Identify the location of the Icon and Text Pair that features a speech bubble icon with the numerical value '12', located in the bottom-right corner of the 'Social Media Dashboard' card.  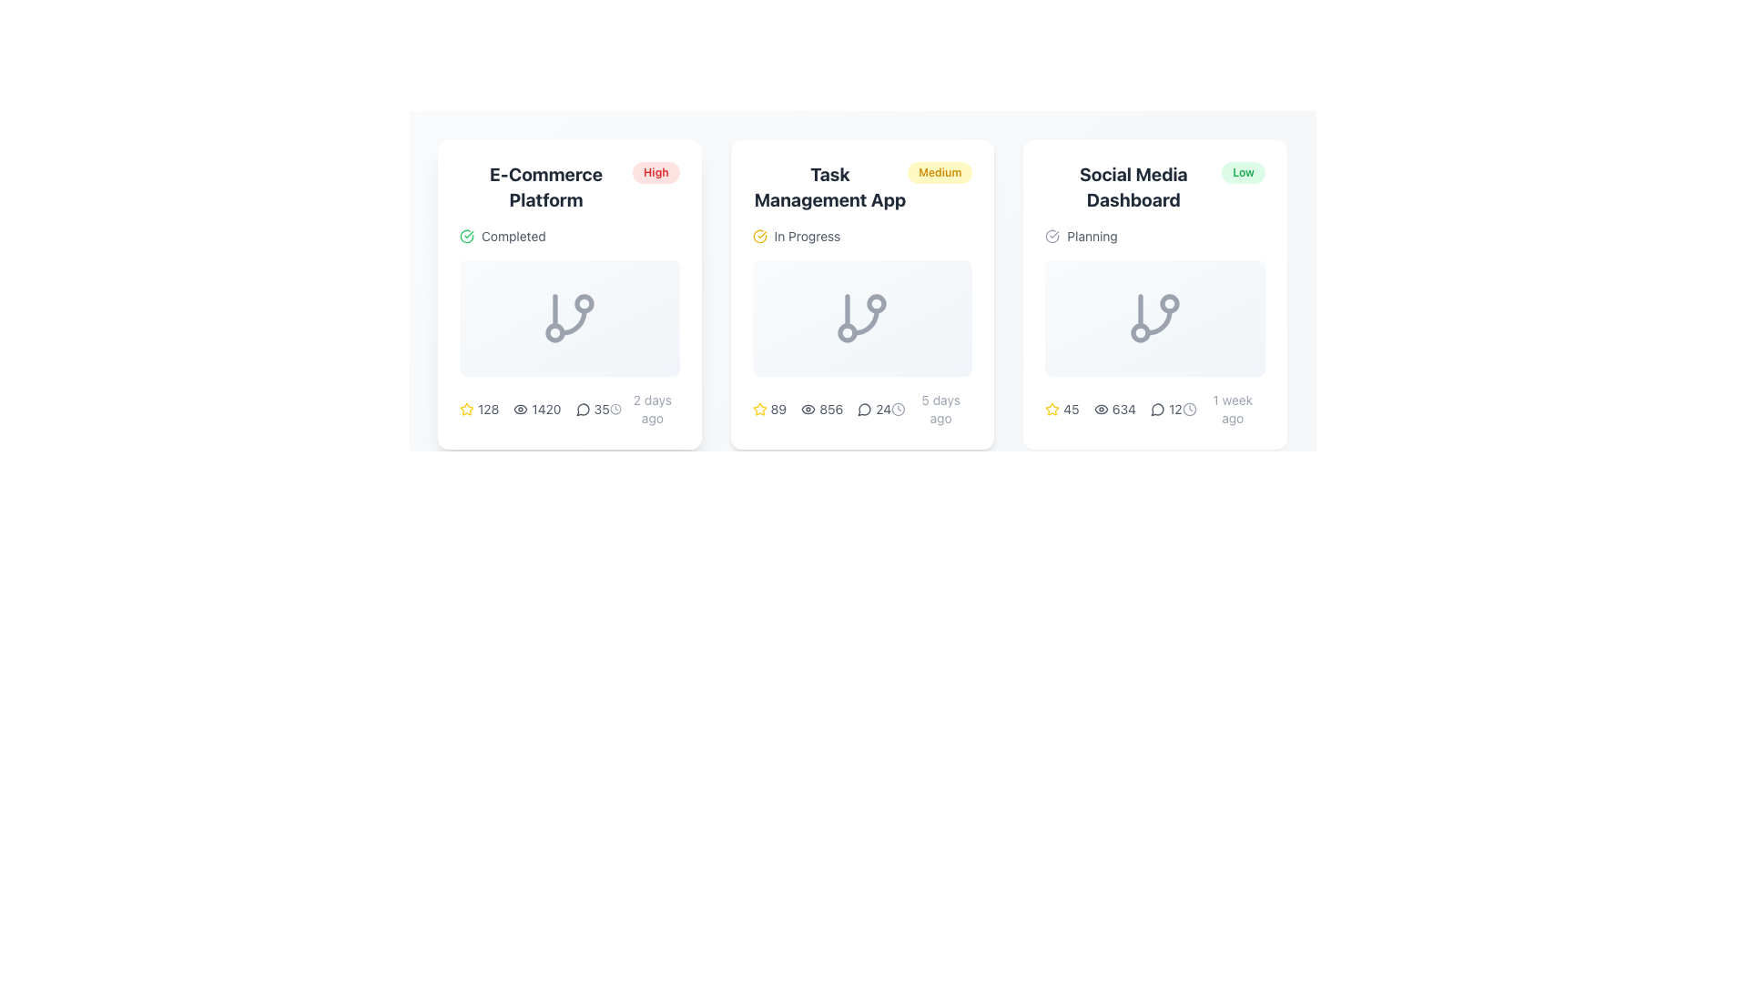
(1166, 410).